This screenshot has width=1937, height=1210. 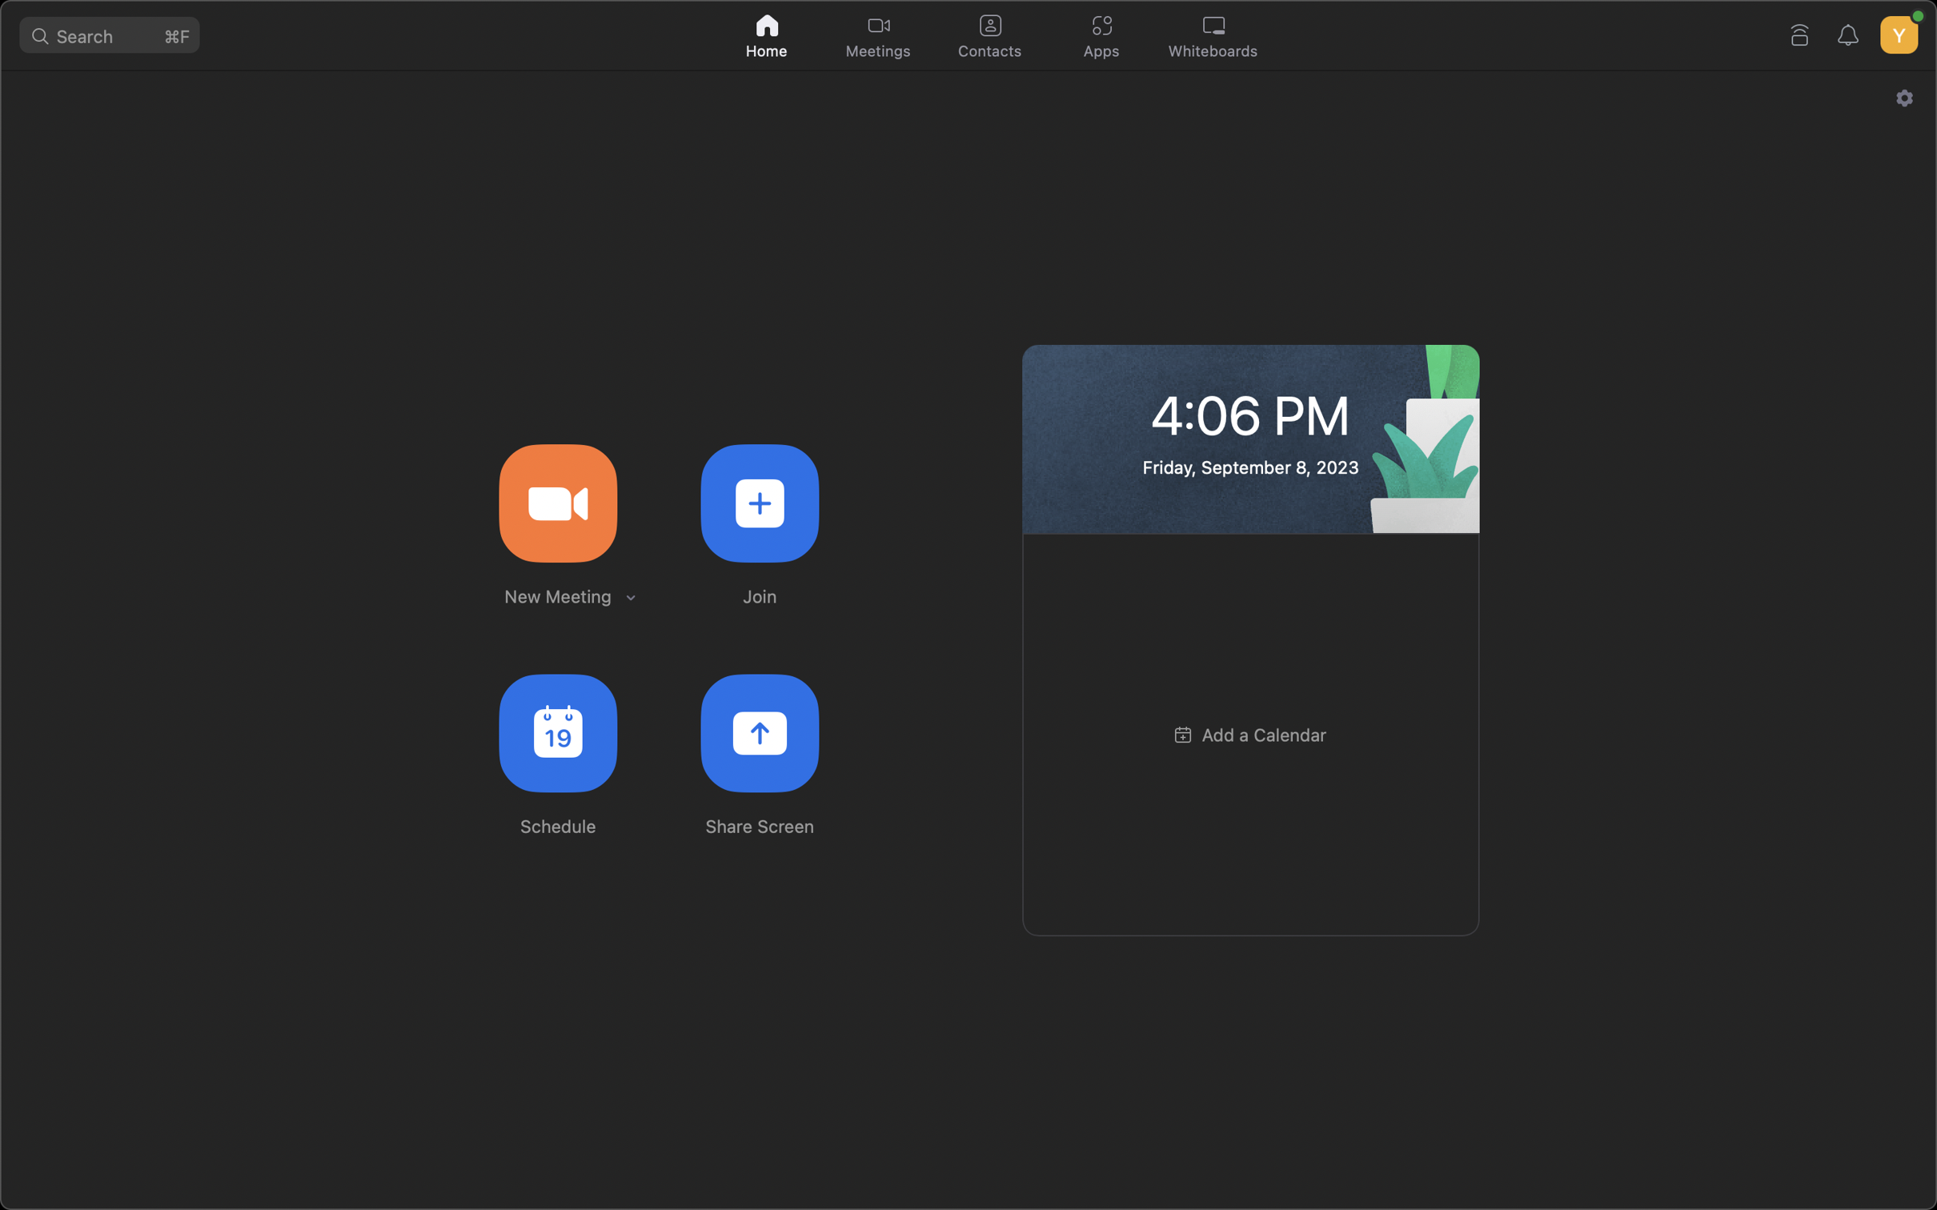 What do you see at coordinates (1217, 37) in the screenshot?
I see `Engage the whiteboard functions` at bounding box center [1217, 37].